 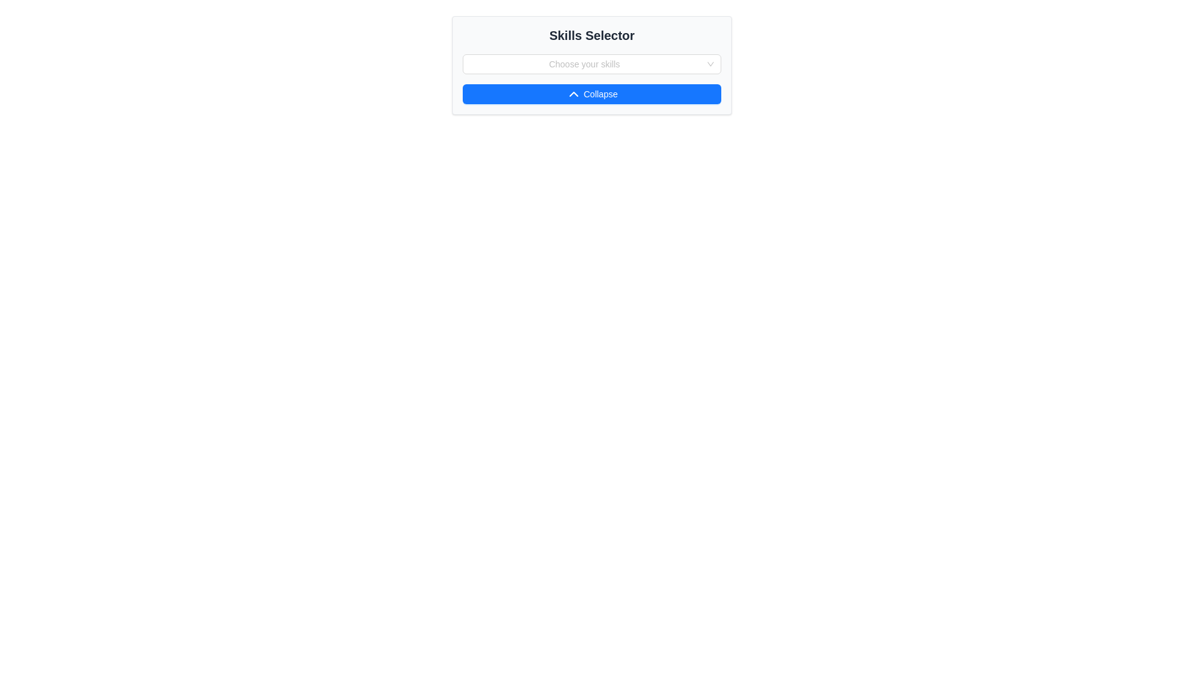 What do you see at coordinates (573, 93) in the screenshot?
I see `the upward-pointing chevron icon within the 'Collapse' button` at bounding box center [573, 93].